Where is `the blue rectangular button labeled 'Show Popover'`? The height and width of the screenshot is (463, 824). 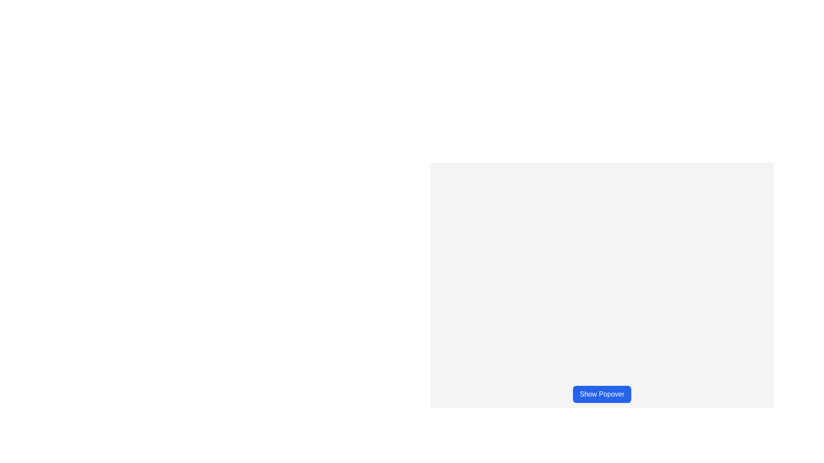 the blue rectangular button labeled 'Show Popover' is located at coordinates (601, 394).